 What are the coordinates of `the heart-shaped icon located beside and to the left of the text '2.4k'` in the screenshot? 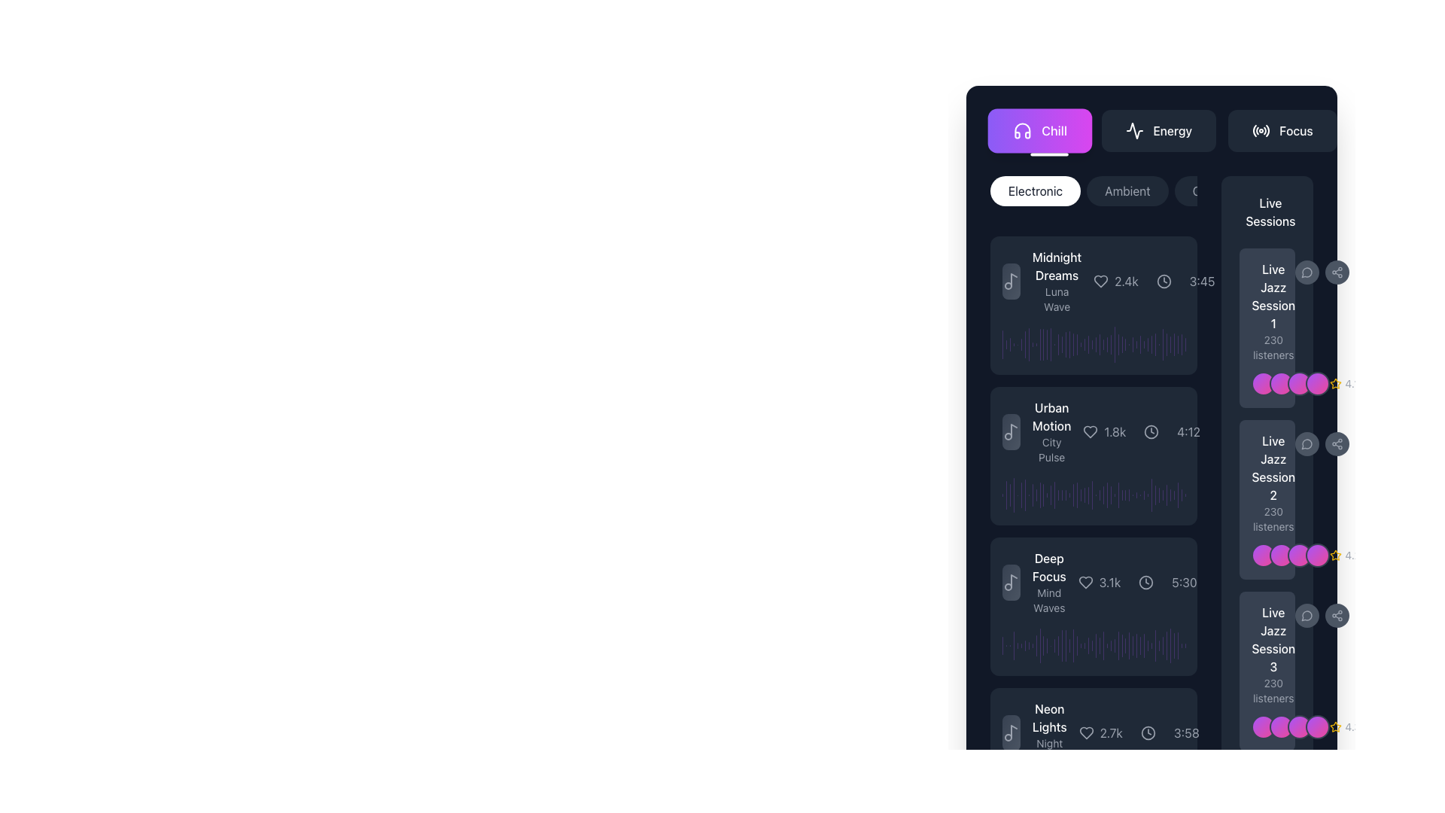 It's located at (1101, 282).